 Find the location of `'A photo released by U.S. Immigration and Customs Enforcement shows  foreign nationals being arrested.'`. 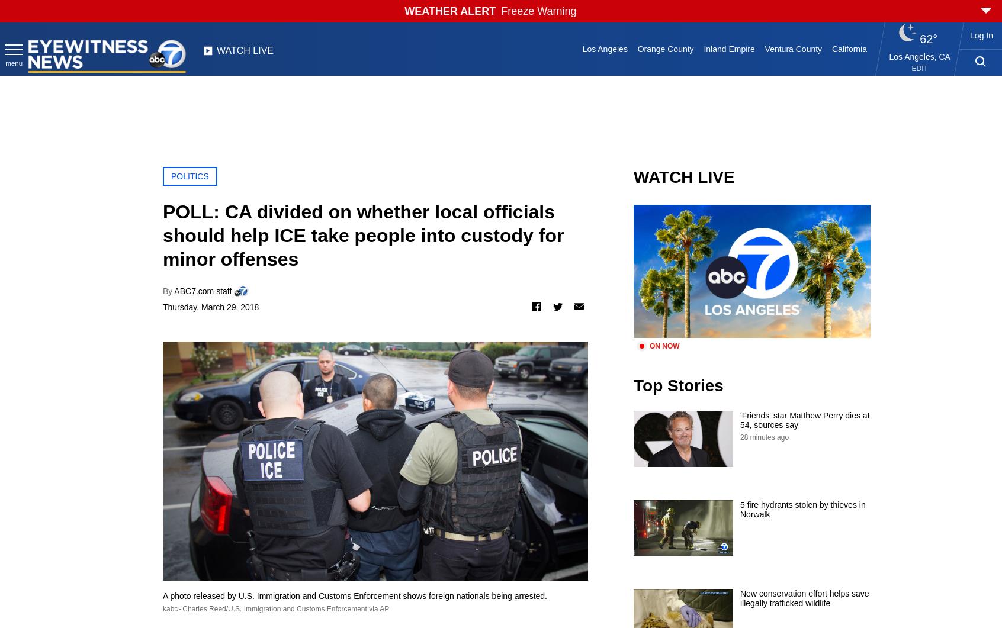

'A photo released by U.S. Immigration and Customs Enforcement shows  foreign nationals being arrested.' is located at coordinates (354, 595).